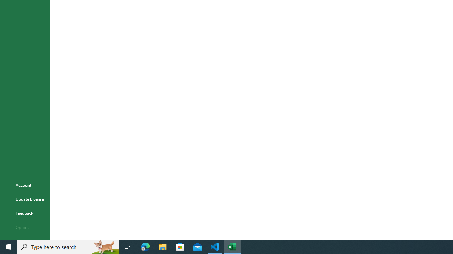 The height and width of the screenshot is (254, 453). What do you see at coordinates (145, 246) in the screenshot?
I see `'Microsoft Edge'` at bounding box center [145, 246].